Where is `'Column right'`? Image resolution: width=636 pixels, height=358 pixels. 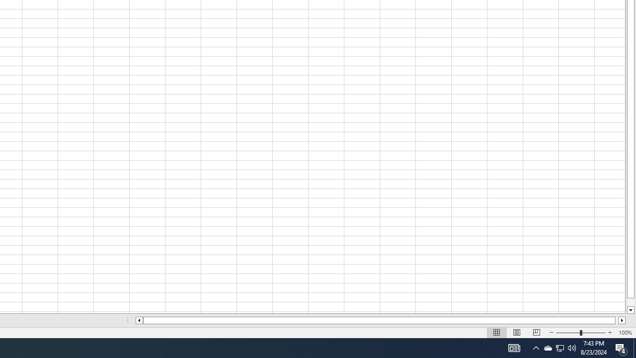
'Column right' is located at coordinates (622, 320).